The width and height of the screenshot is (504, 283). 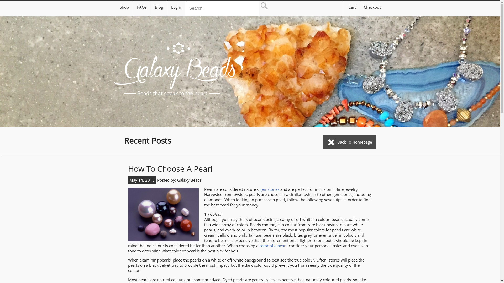 What do you see at coordinates (159, 7) in the screenshot?
I see `'Blog'` at bounding box center [159, 7].